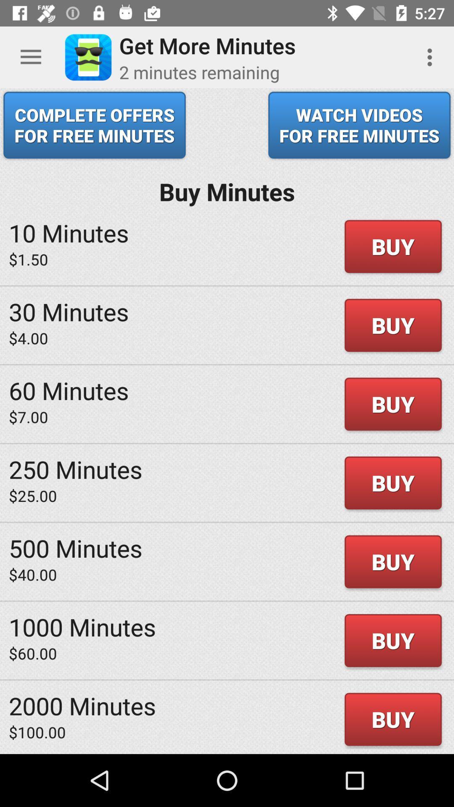 The width and height of the screenshot is (454, 807). What do you see at coordinates (30, 57) in the screenshot?
I see `the item above complete offers for` at bounding box center [30, 57].